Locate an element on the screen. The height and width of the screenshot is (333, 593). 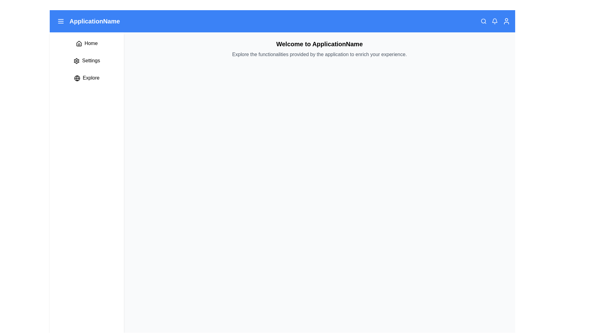
the menu icon consisting of three horizontal white lines, positioned in the blue navigation bar to the left of 'ApplicationName' is located at coordinates (61, 21).